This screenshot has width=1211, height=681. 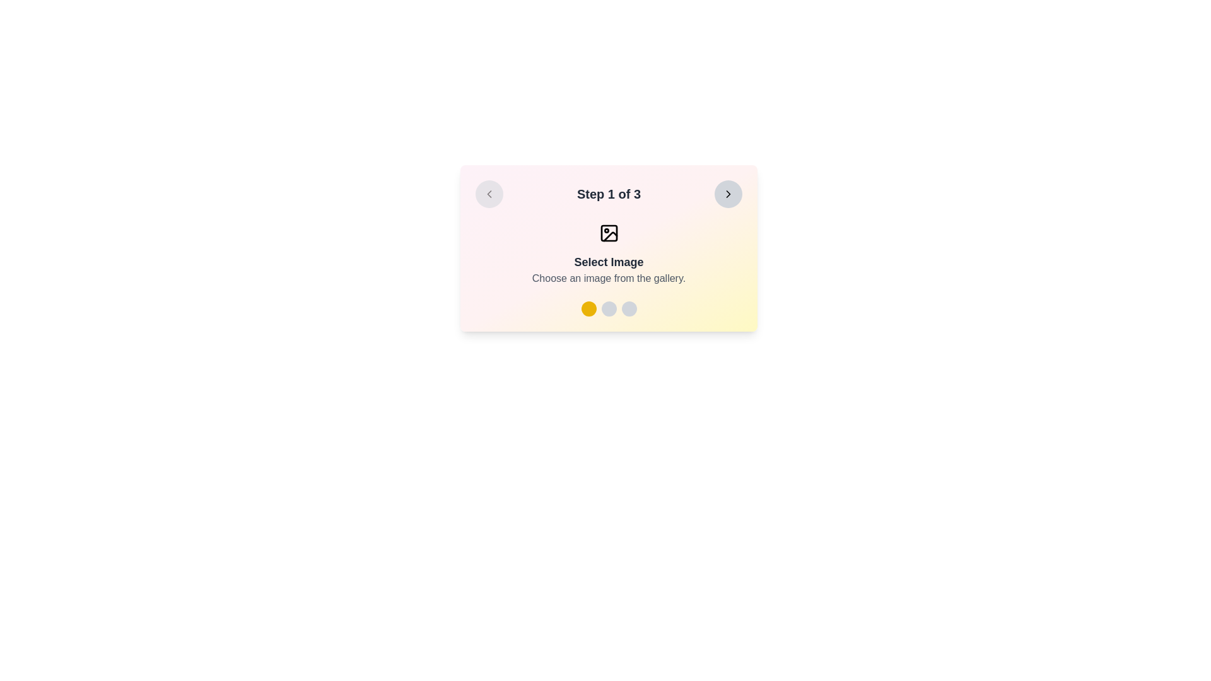 What do you see at coordinates (609, 308) in the screenshot?
I see `the step progress bar's circular indicators, which consist of one yellow circle and two gray circles` at bounding box center [609, 308].